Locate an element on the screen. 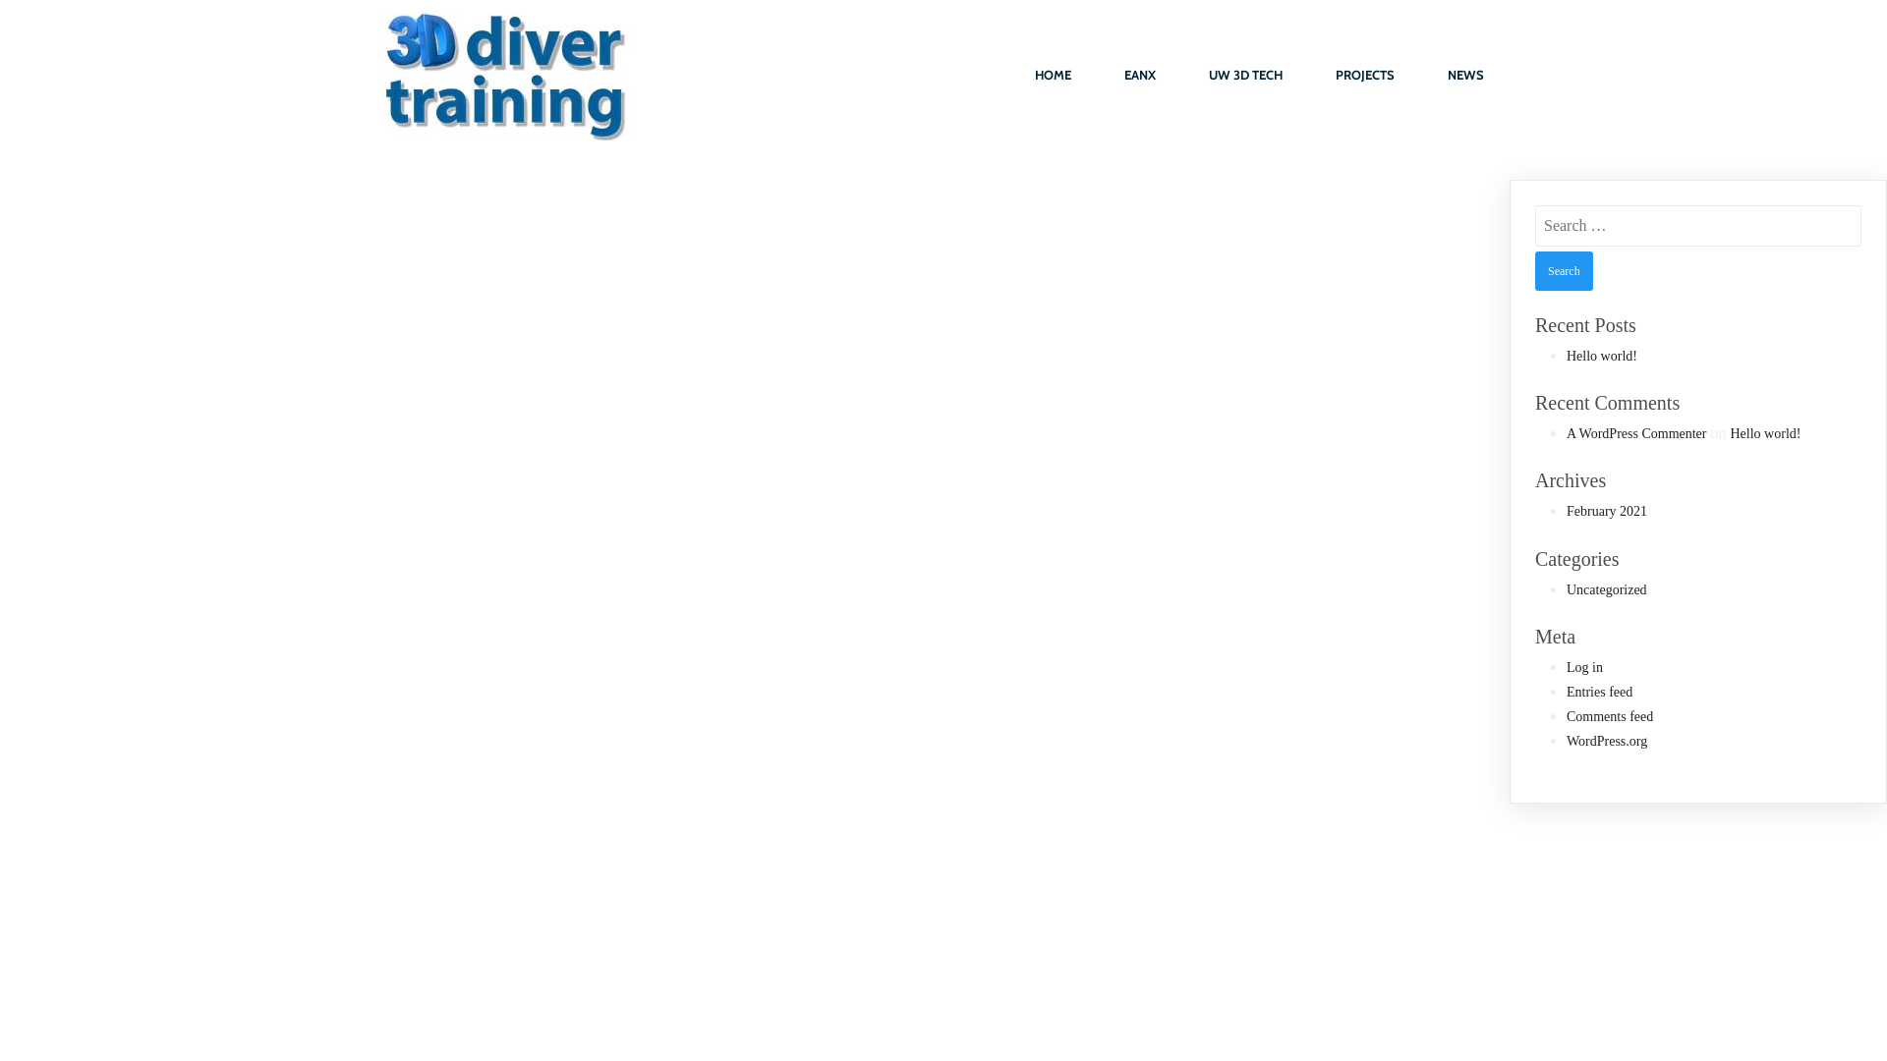  'Logo_Final_256' is located at coordinates (504, 74).